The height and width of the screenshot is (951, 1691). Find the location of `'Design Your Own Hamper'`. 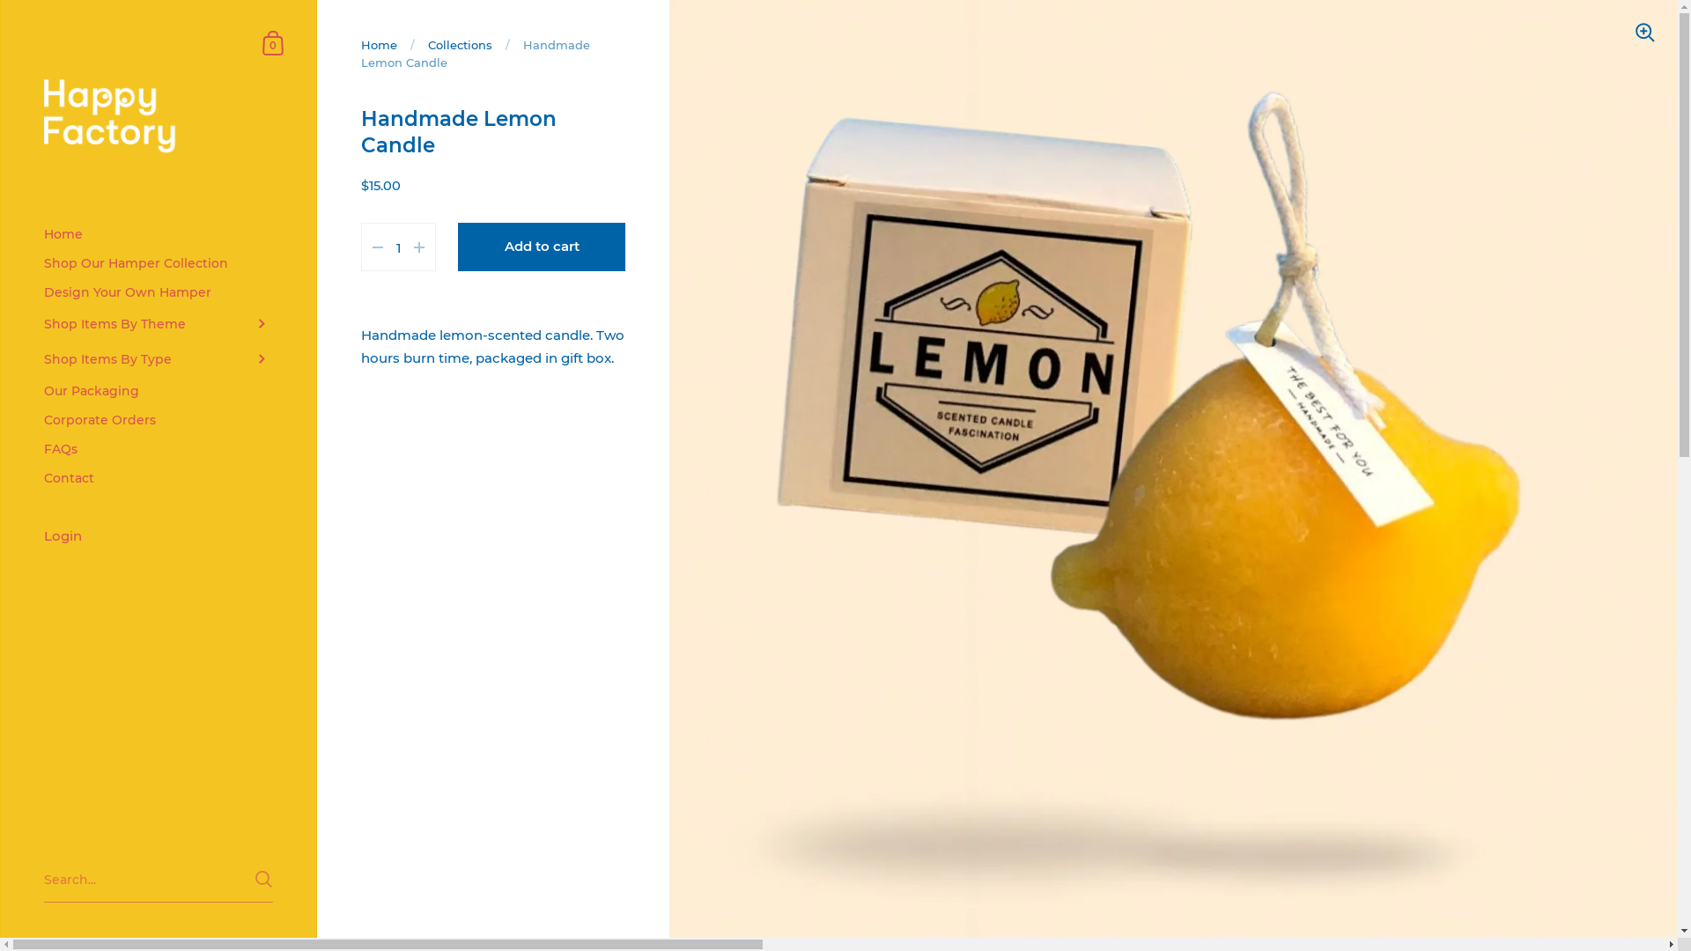

'Design Your Own Hamper' is located at coordinates (158, 291).